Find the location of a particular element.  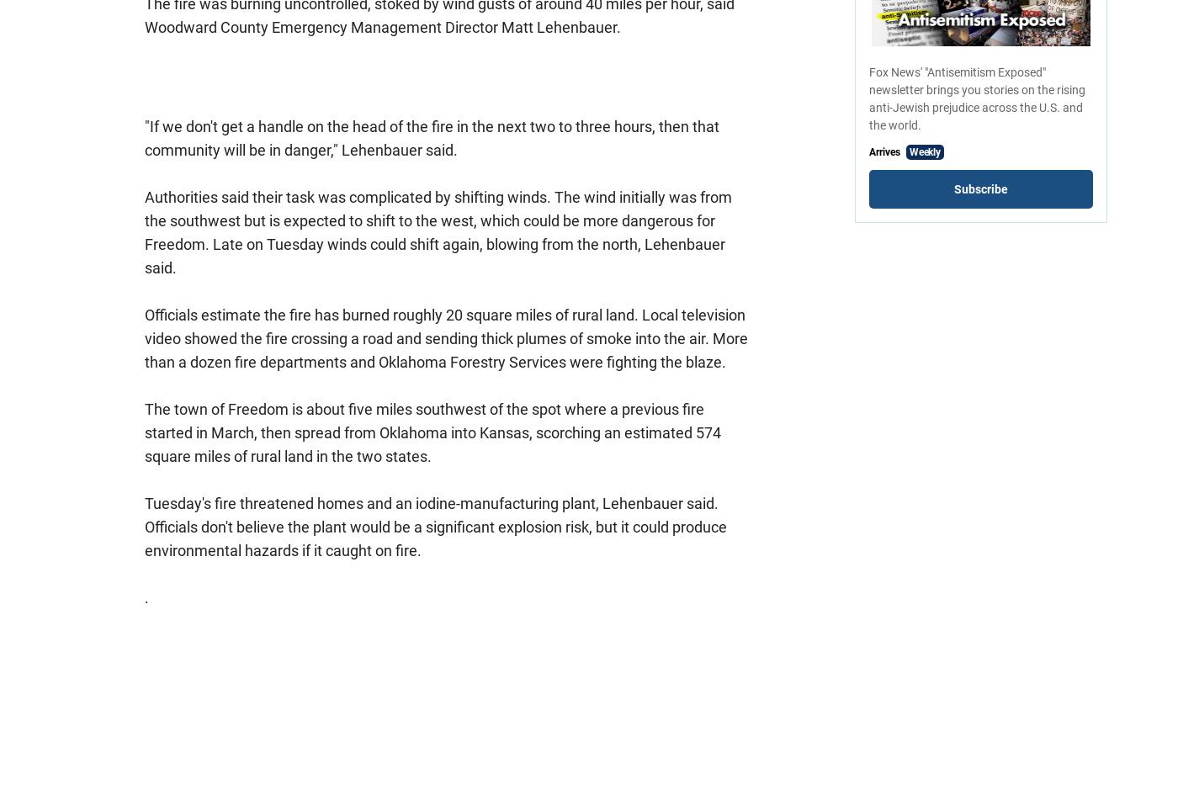

'Fox News' "Antisemitism Exposed" newsletter brings you stories on the rising anti-Jewish prejudice across the U.S. and the world.' is located at coordinates (977, 98).